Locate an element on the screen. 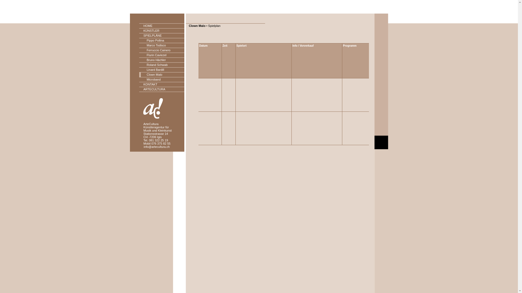  'info@artecultura.ch' is located at coordinates (156, 146).